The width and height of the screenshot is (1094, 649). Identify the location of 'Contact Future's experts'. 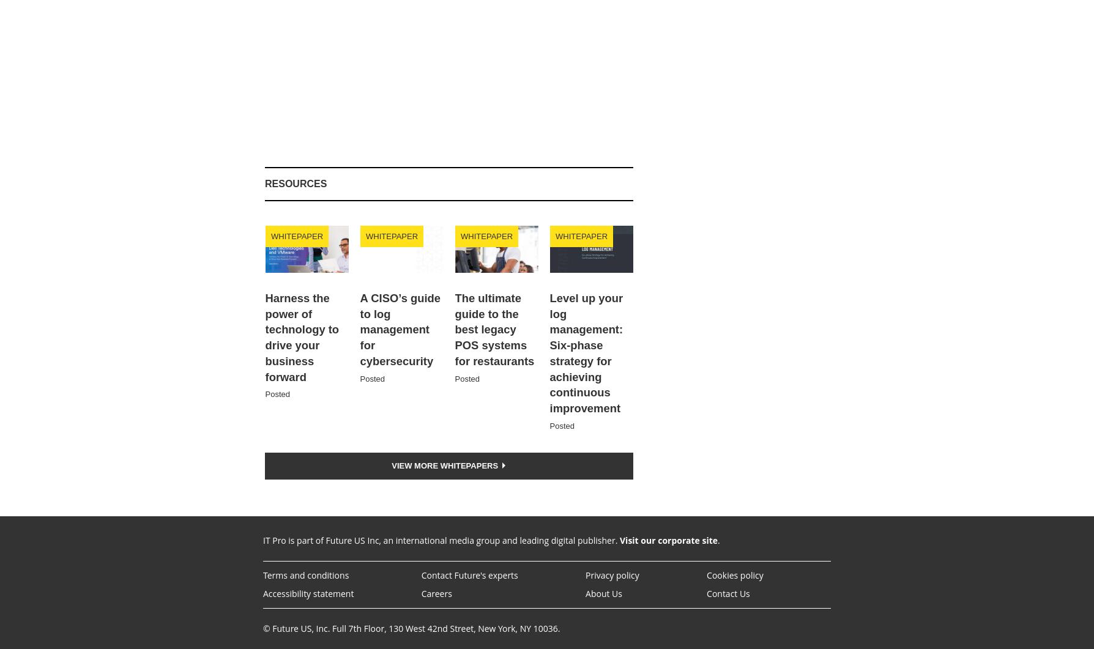
(420, 574).